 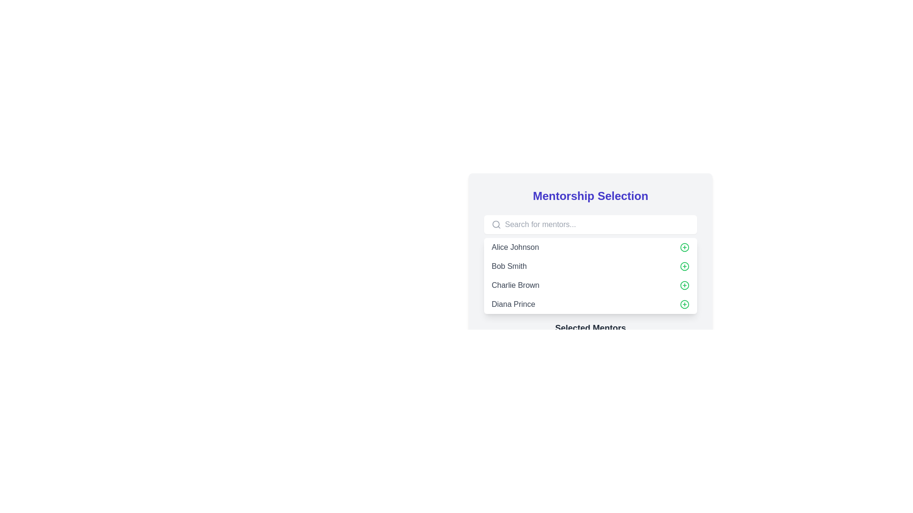 I want to click on the mentorship selection header text, which indicates the section's purpose to the user, so click(x=590, y=195).